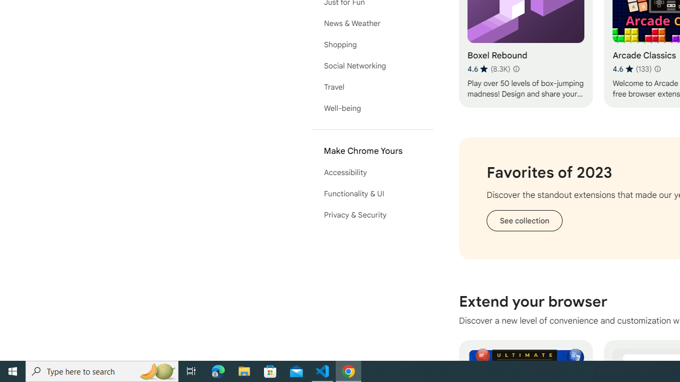  Describe the element at coordinates (372, 86) in the screenshot. I see `'Travel'` at that location.